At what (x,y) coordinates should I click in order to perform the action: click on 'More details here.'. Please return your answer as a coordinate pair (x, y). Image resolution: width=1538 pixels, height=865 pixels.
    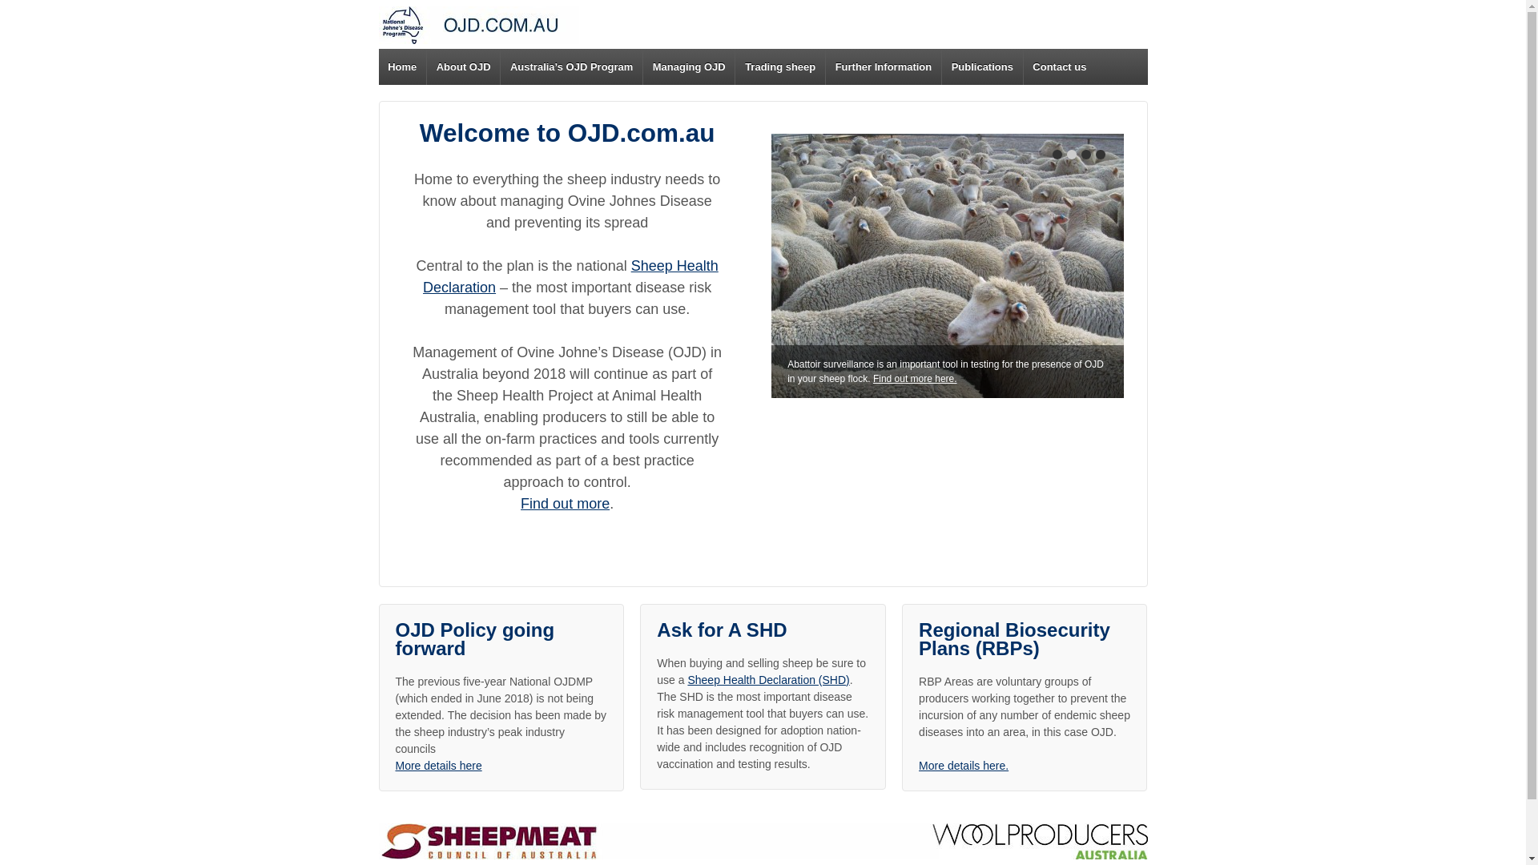
    Looking at the image, I should click on (963, 765).